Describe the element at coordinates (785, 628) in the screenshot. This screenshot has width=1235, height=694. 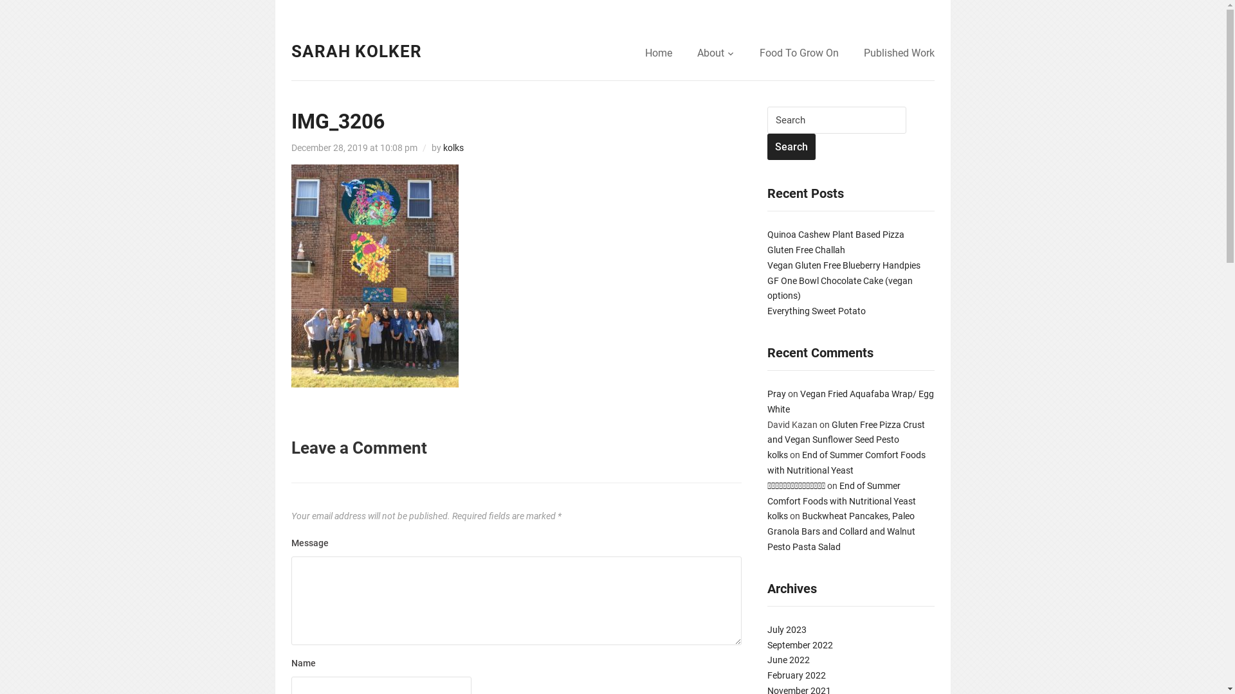
I see `'July 2023'` at that location.